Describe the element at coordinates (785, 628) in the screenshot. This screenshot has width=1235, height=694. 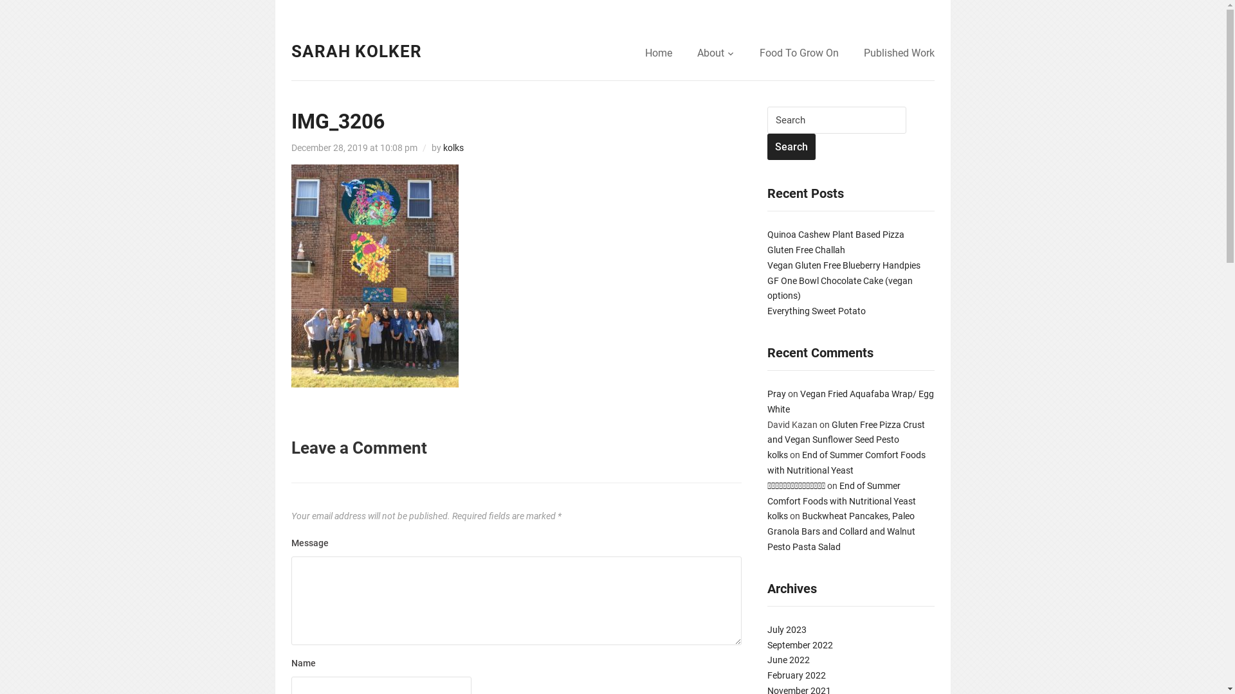
I see `'July 2023'` at that location.